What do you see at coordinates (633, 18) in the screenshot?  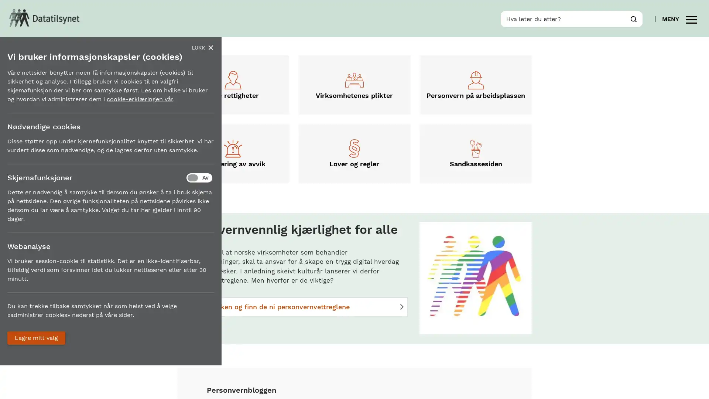 I see `Sk` at bounding box center [633, 18].